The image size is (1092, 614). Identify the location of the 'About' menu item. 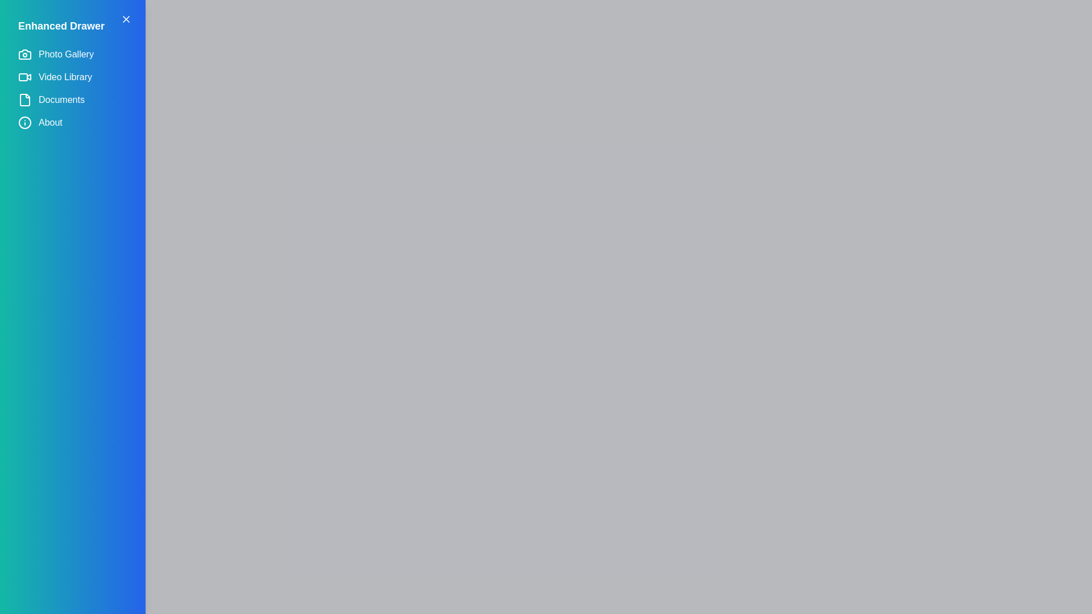
(72, 123).